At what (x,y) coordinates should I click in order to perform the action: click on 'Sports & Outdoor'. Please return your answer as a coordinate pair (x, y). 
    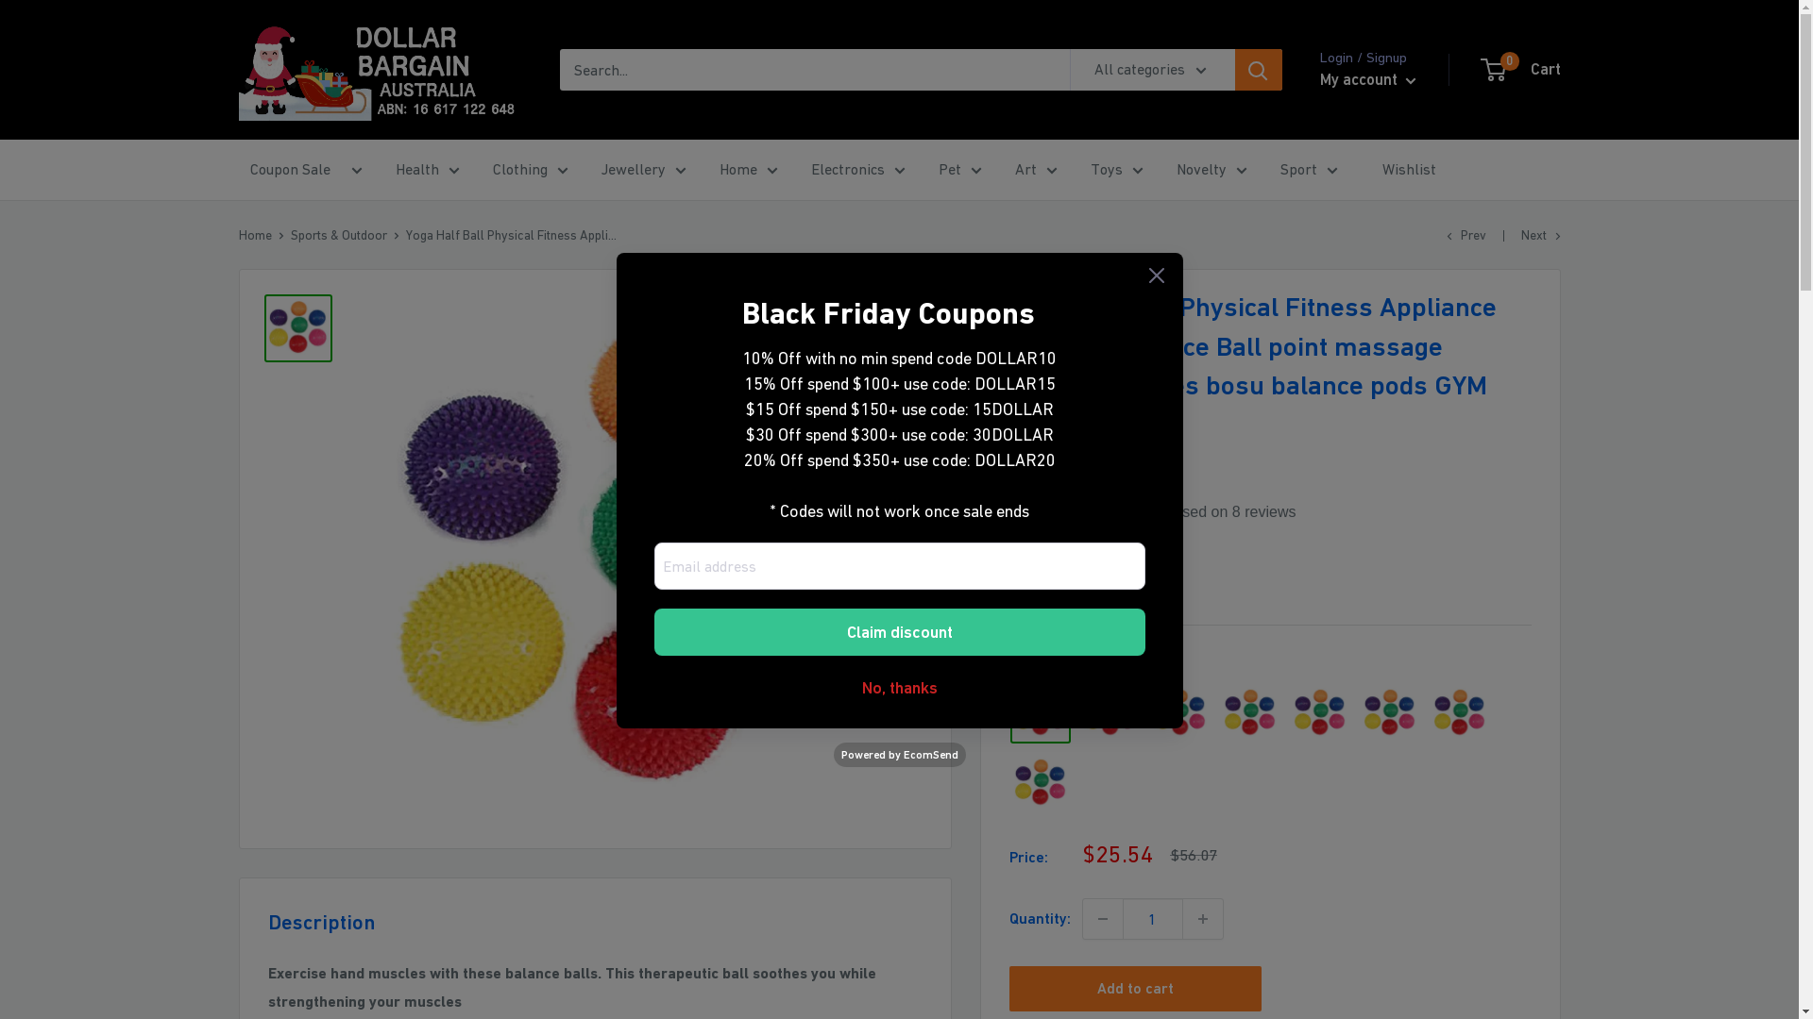
    Looking at the image, I should click on (339, 234).